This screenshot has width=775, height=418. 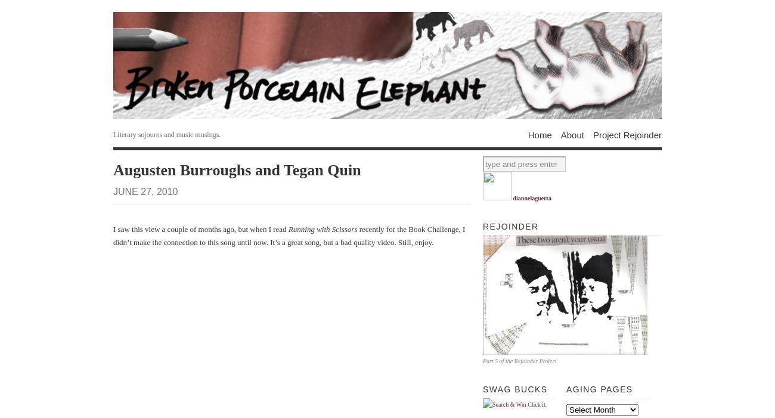 I want to click on 'Rejoinder', so click(x=510, y=227).